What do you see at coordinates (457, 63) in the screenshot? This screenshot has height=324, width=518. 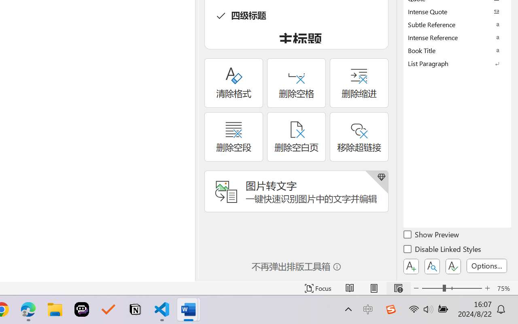 I see `'List Paragraph'` at bounding box center [457, 63].